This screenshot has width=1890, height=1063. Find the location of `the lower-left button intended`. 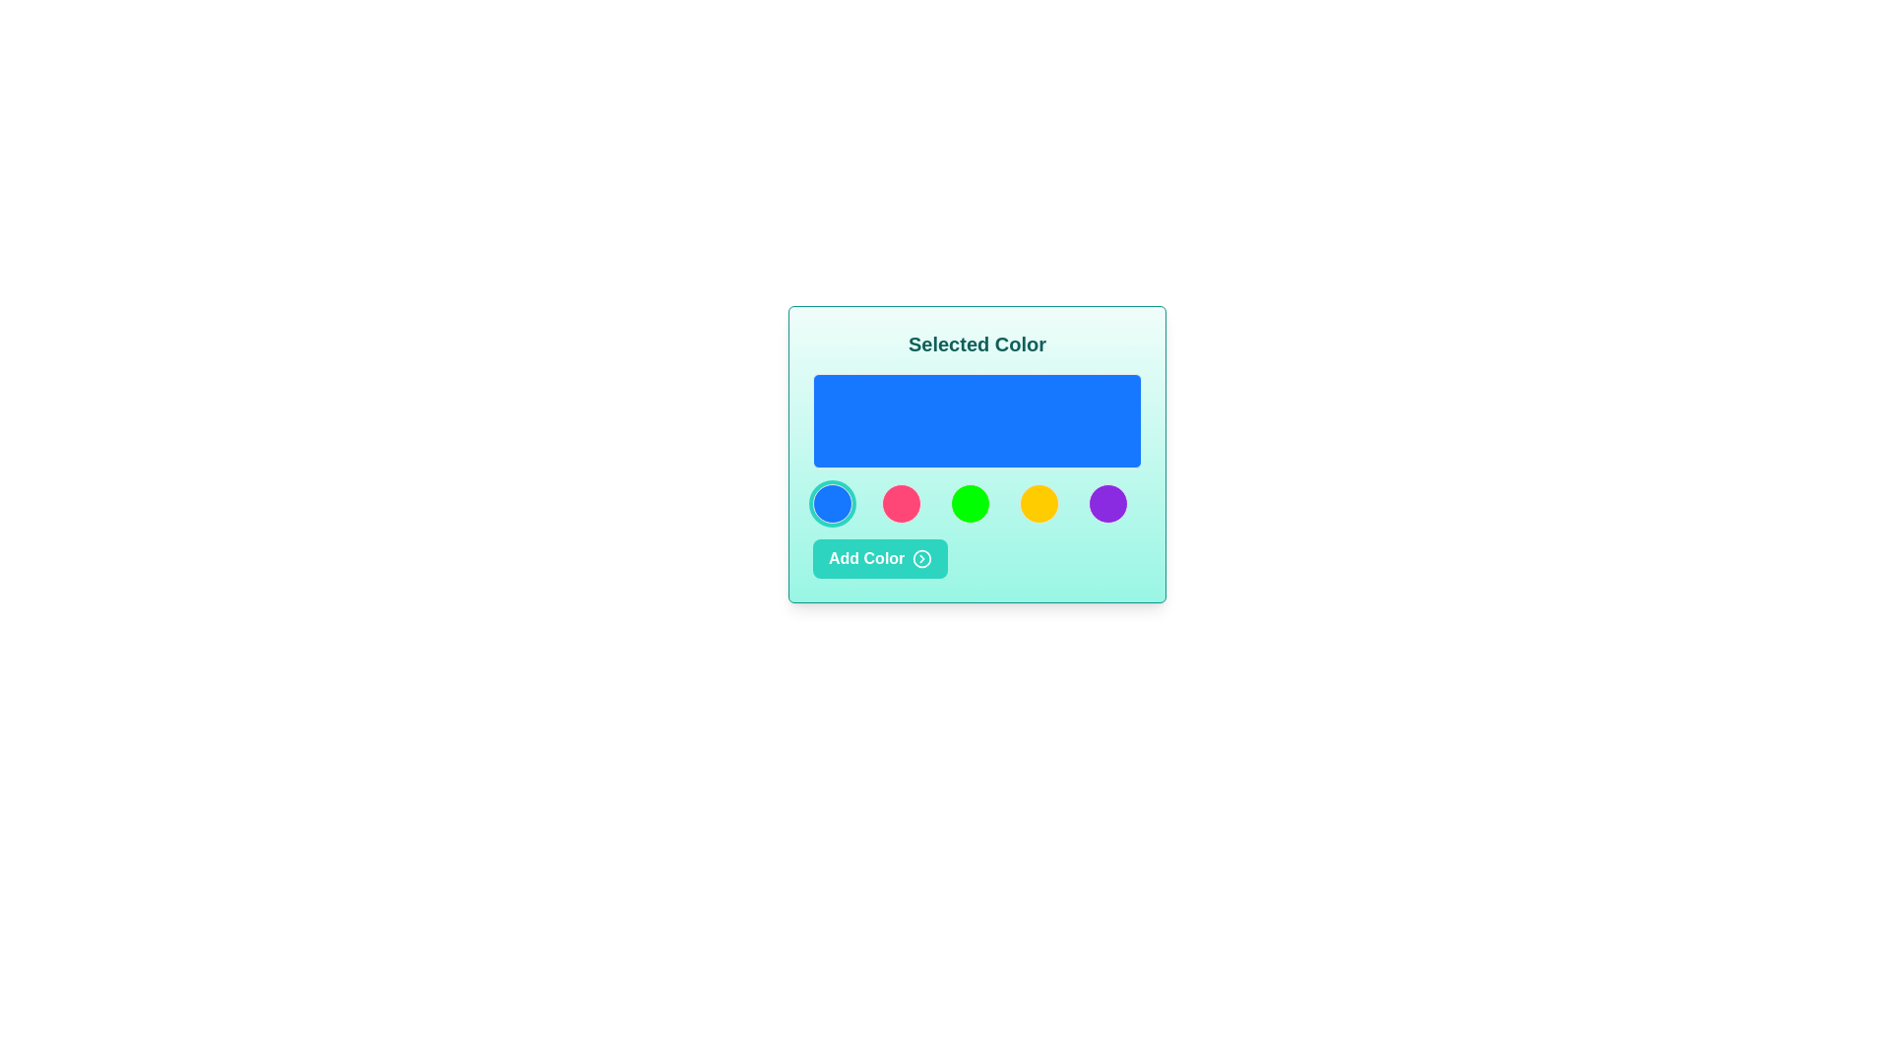

the lower-left button intended is located at coordinates (879, 558).